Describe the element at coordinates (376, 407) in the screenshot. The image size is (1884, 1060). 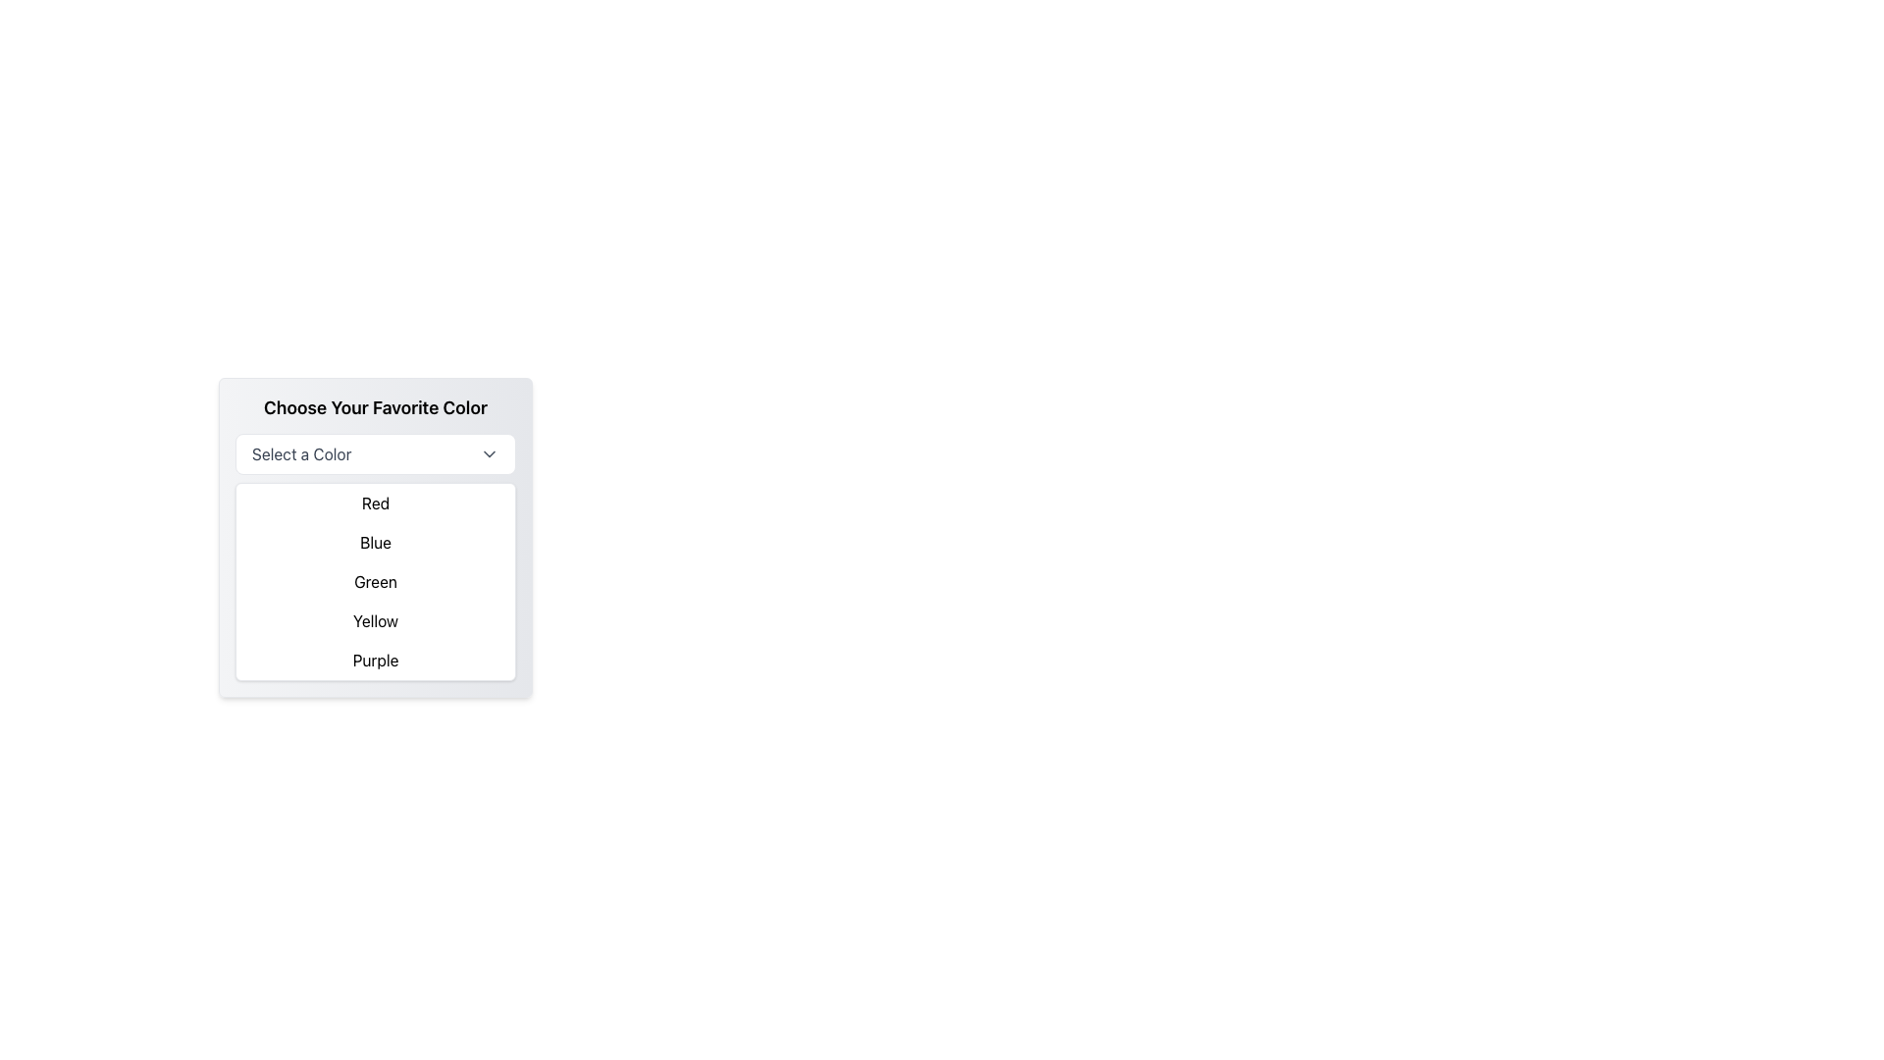
I see `the Text Label element that displays 'Choose Your Favorite Color', located at the top center of the UI card, above the 'Select a Color' dropdown` at that location.